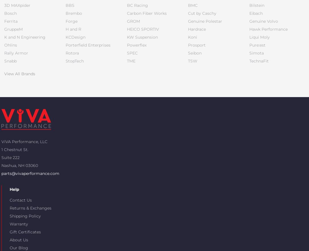 The image size is (309, 251). What do you see at coordinates (10, 157) in the screenshot?
I see `'Suite 222'` at bounding box center [10, 157].